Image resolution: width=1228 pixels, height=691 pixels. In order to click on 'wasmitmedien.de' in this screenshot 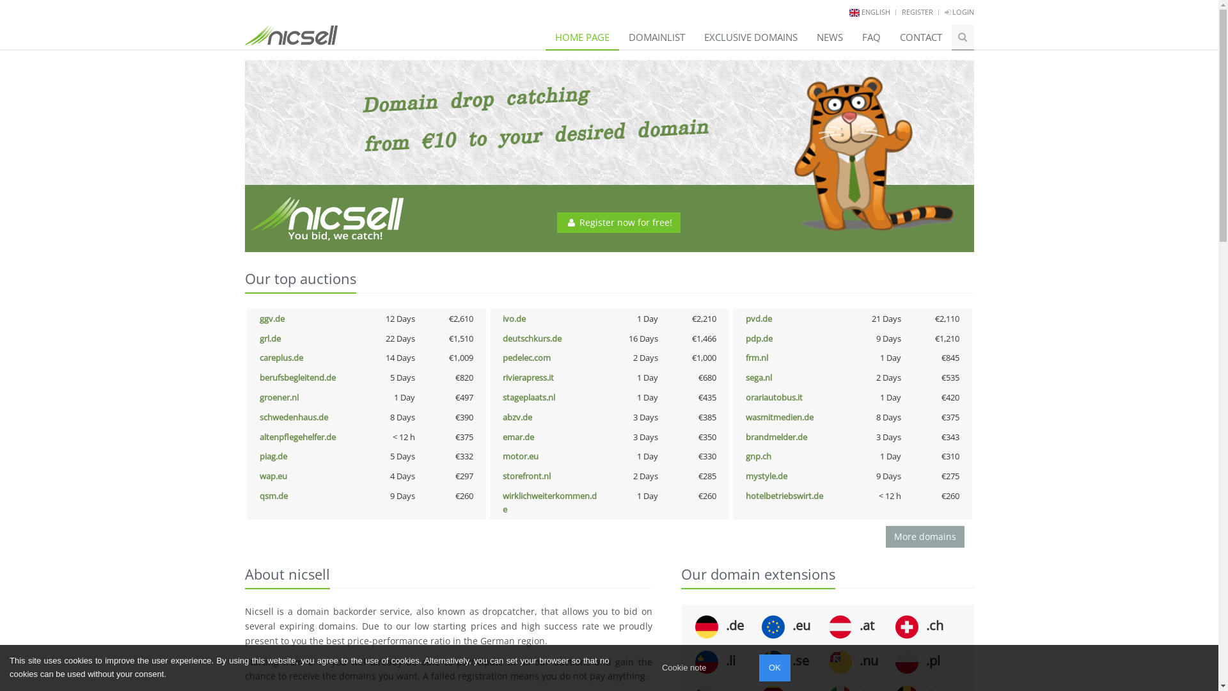, I will do `click(779, 417)`.